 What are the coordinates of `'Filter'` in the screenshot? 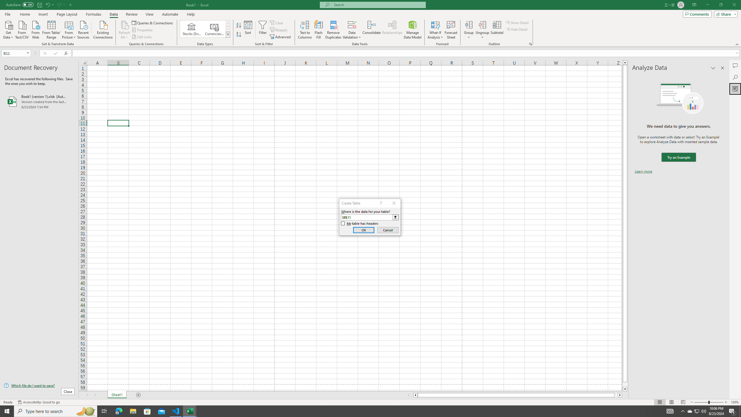 It's located at (262, 30).